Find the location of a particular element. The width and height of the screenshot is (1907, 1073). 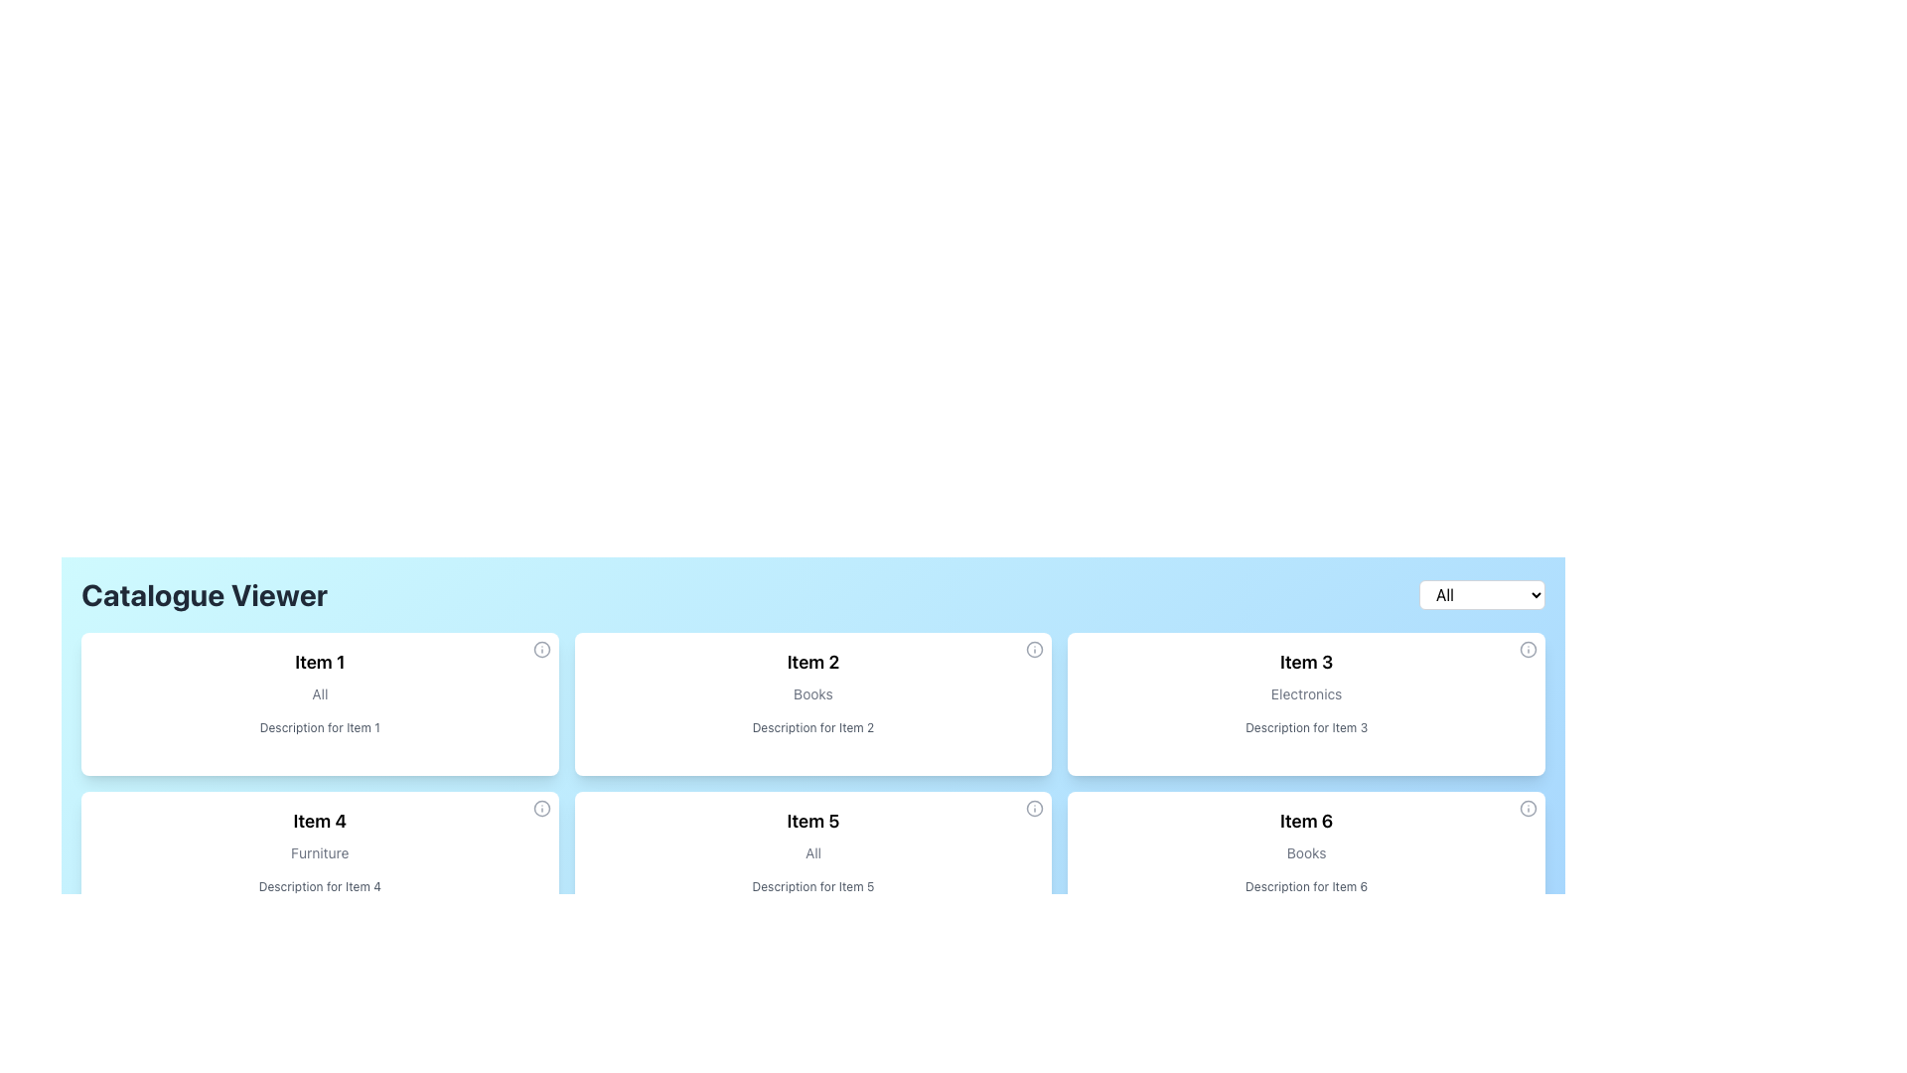

the content card located in the second row, third column of the grid layout, which displays a title, category, and description is located at coordinates (813, 861).